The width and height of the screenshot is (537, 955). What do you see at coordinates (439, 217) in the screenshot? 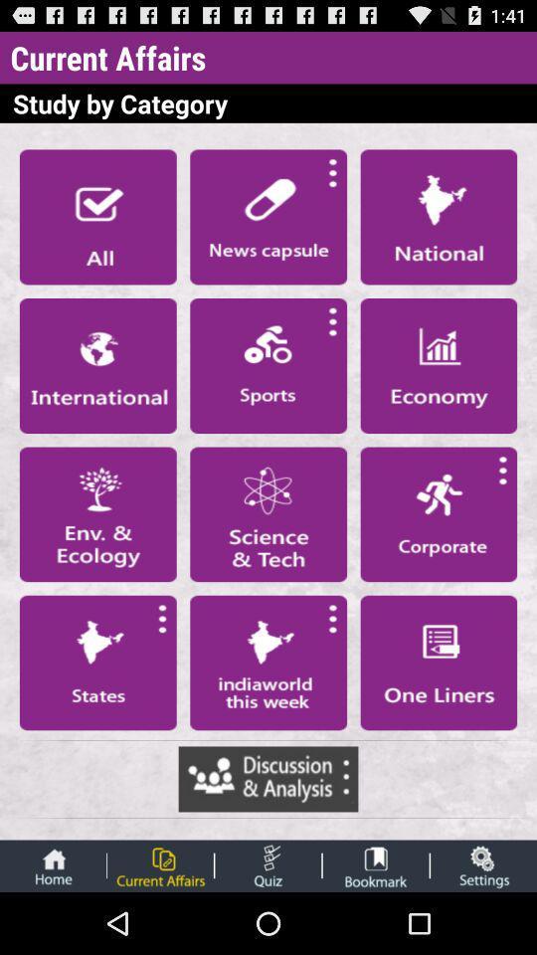
I see `study national` at bounding box center [439, 217].